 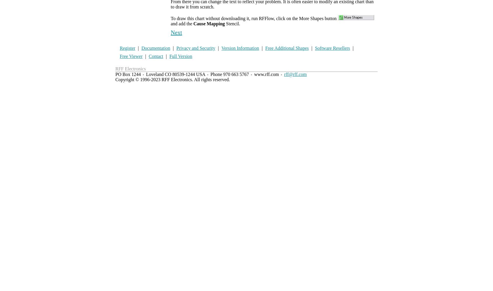 What do you see at coordinates (295, 74) in the screenshot?
I see `'rff@rff.com'` at bounding box center [295, 74].